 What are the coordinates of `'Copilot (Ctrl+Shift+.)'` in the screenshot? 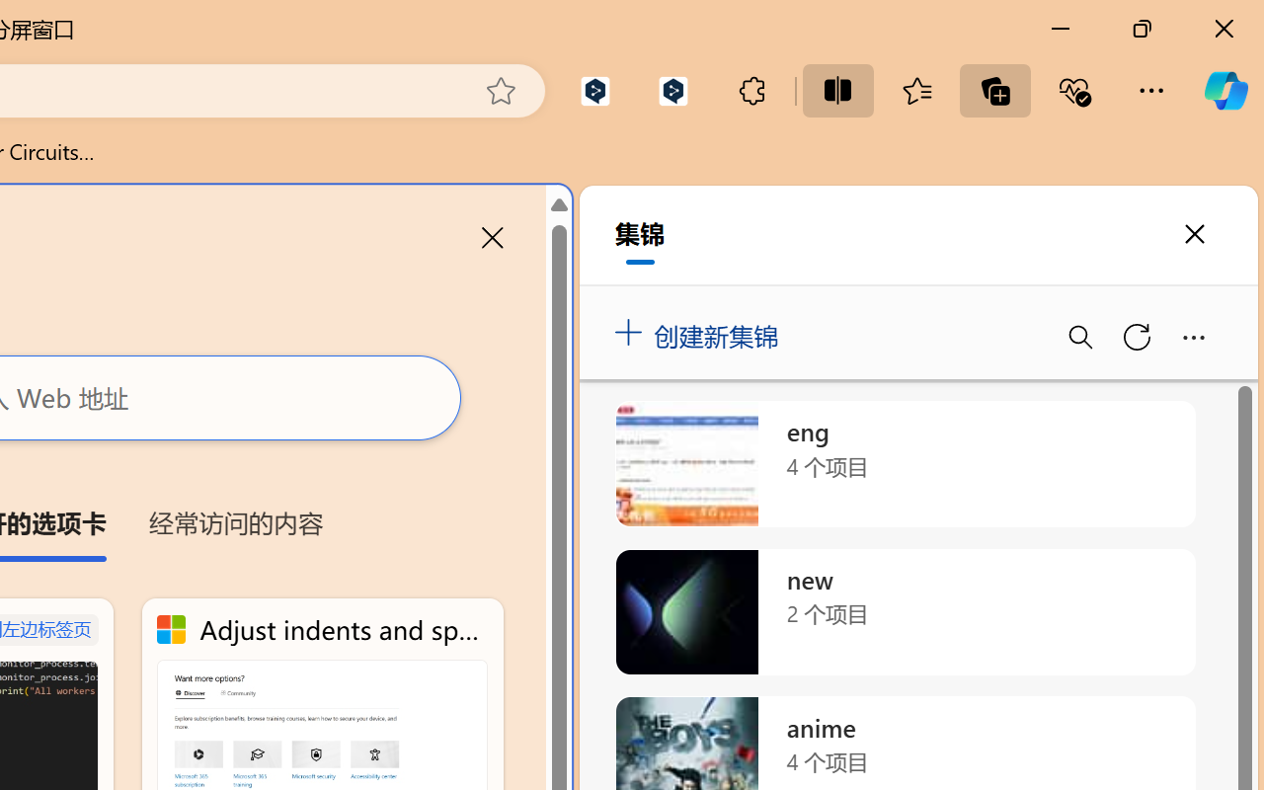 It's located at (1224, 90).